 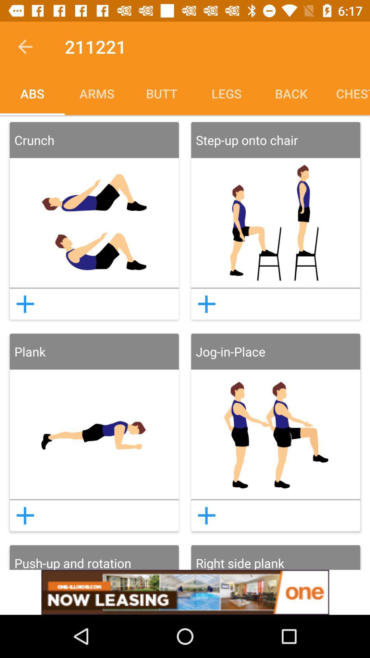 I want to click on get more information, so click(x=25, y=304).